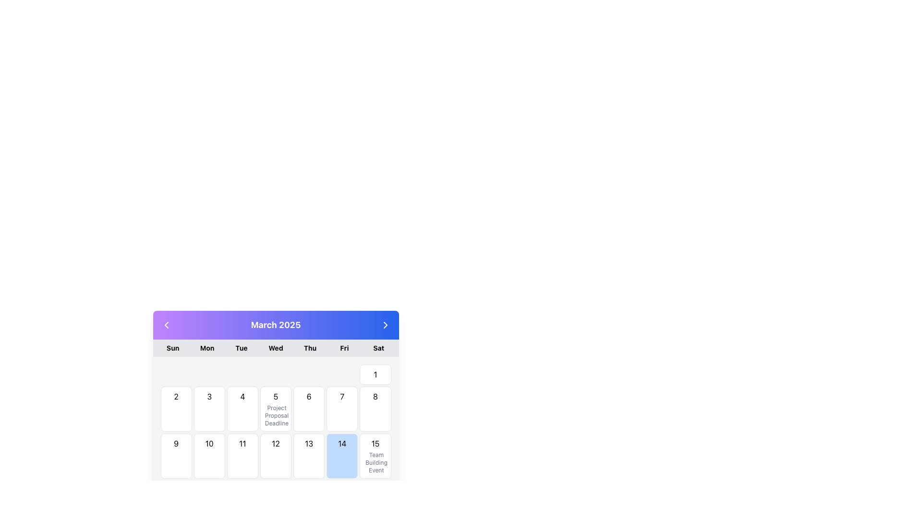 The image size is (922, 518). I want to click on calendar date marked by the small, circular dot located over the number '4' in the calendar grid, so click(243, 374).